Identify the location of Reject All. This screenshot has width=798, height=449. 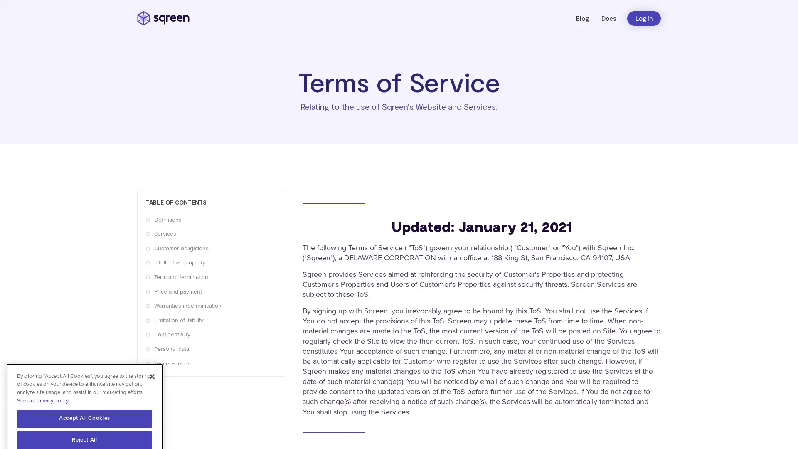
(84, 418).